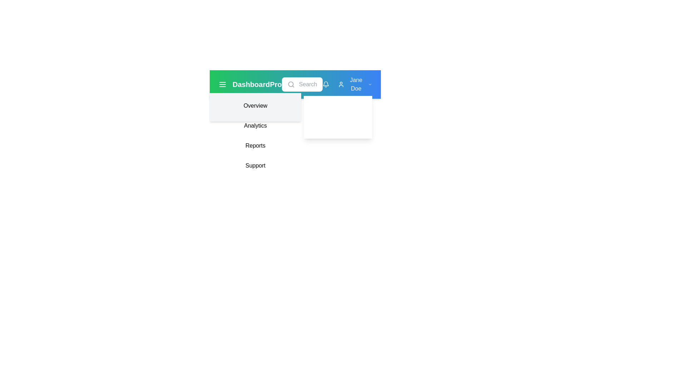  Describe the element at coordinates (295, 84) in the screenshot. I see `the search bar located in the top navigation bar, which provides access to primary navigation controls` at that location.